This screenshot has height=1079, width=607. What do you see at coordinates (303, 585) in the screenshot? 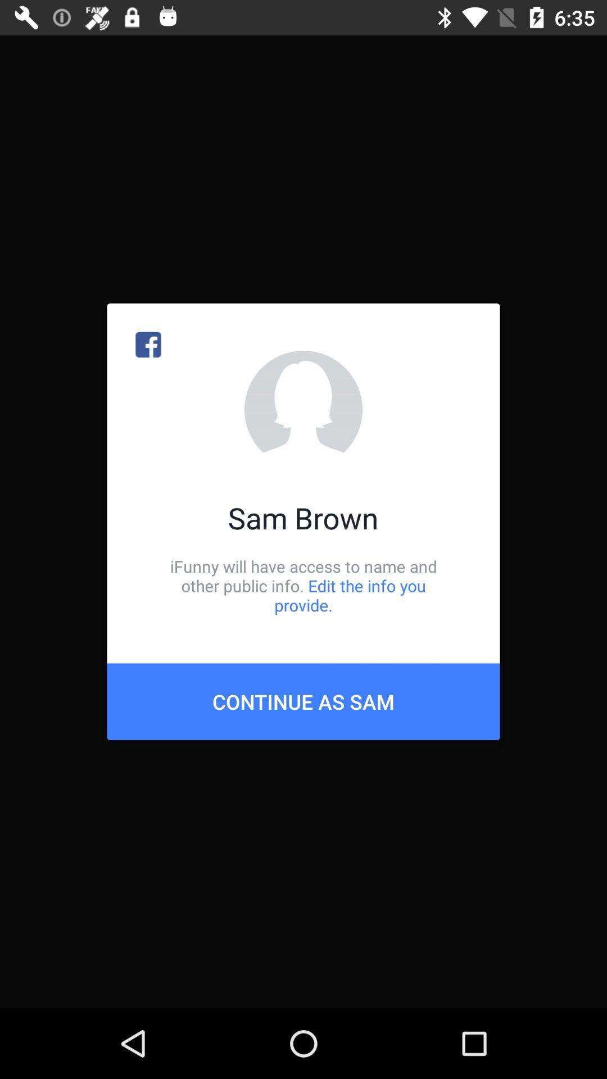
I see `the item above continue as sam icon` at bounding box center [303, 585].